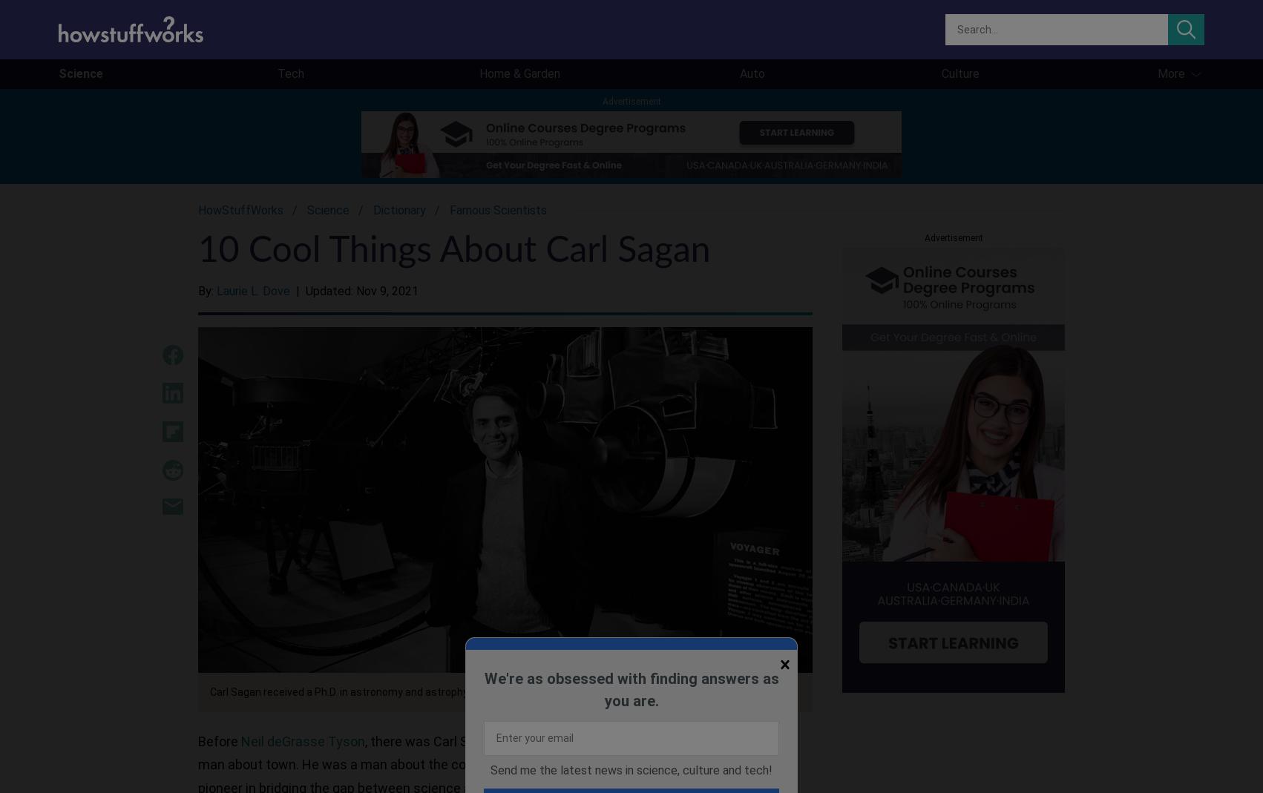 The width and height of the screenshot is (1263, 793). What do you see at coordinates (361, 290) in the screenshot?
I see `'Updated: Nov 9, 2021'` at bounding box center [361, 290].